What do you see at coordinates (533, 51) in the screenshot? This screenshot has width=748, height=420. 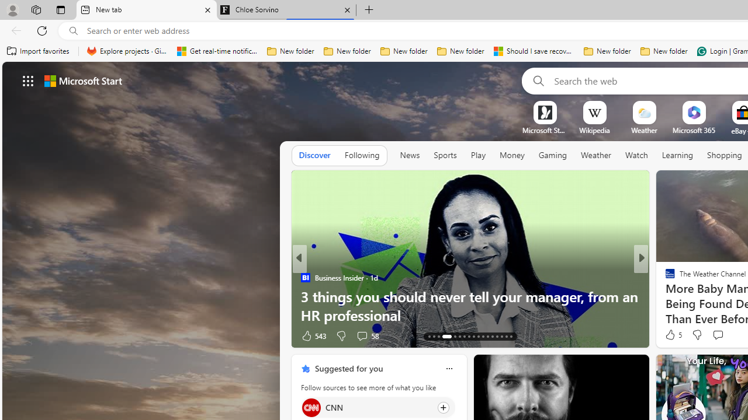 I see `'Should I save recovered Word documents? - Microsoft Support'` at bounding box center [533, 51].